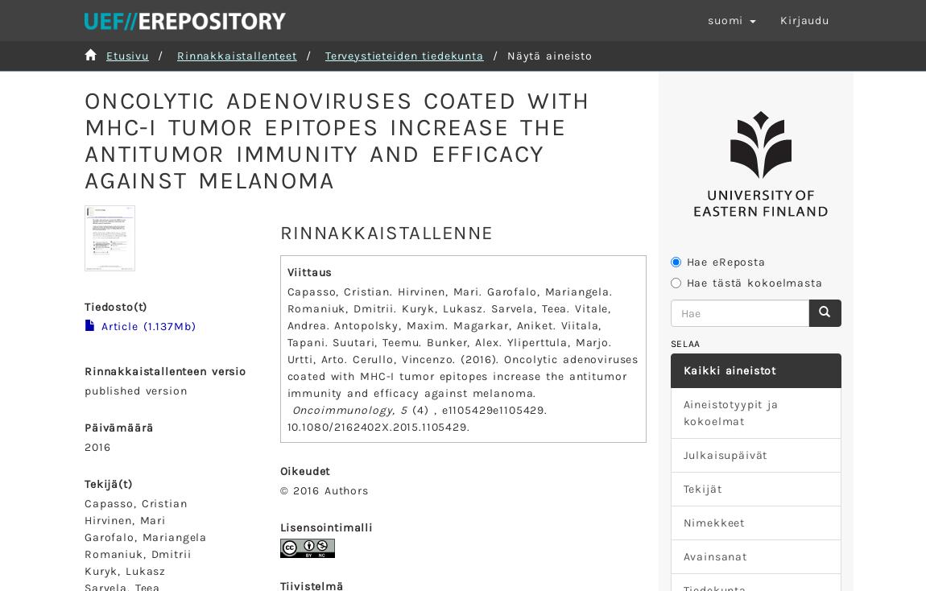  Describe the element at coordinates (730, 411) in the screenshot. I see `'Aineistotyypit ja kokoelmat'` at that location.